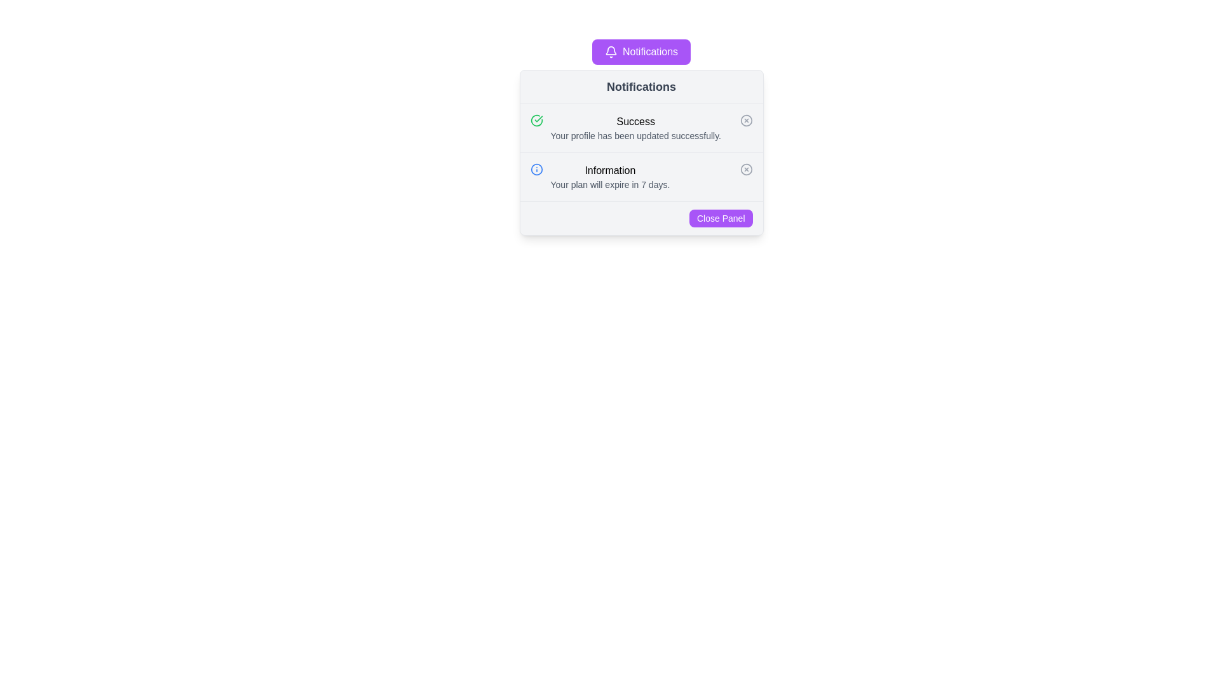 The height and width of the screenshot is (686, 1220). What do you see at coordinates (746, 168) in the screenshot?
I see `the dismiss button located in the top-right corner of the second notification titled 'Information: Your plan will expire in 7 days'` at bounding box center [746, 168].